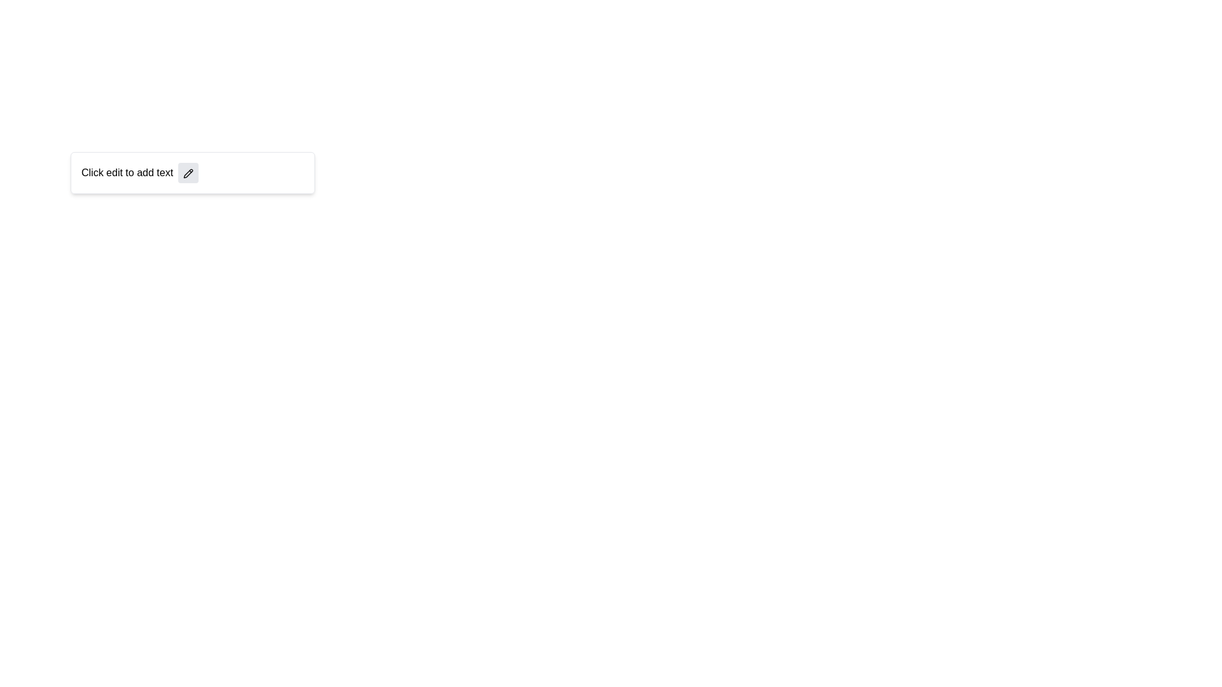 The image size is (1222, 687). I want to click on the pencil icon in the instruction prompt that says 'Click edit, so click(192, 173).